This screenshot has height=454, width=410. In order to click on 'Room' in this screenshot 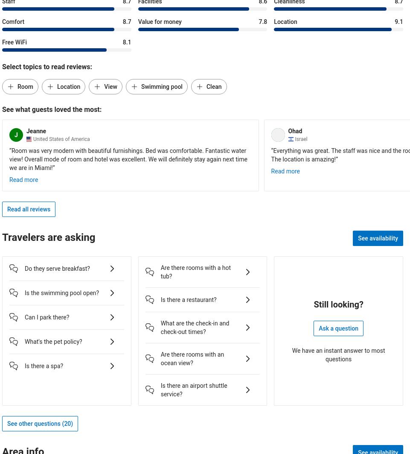, I will do `click(25, 86)`.